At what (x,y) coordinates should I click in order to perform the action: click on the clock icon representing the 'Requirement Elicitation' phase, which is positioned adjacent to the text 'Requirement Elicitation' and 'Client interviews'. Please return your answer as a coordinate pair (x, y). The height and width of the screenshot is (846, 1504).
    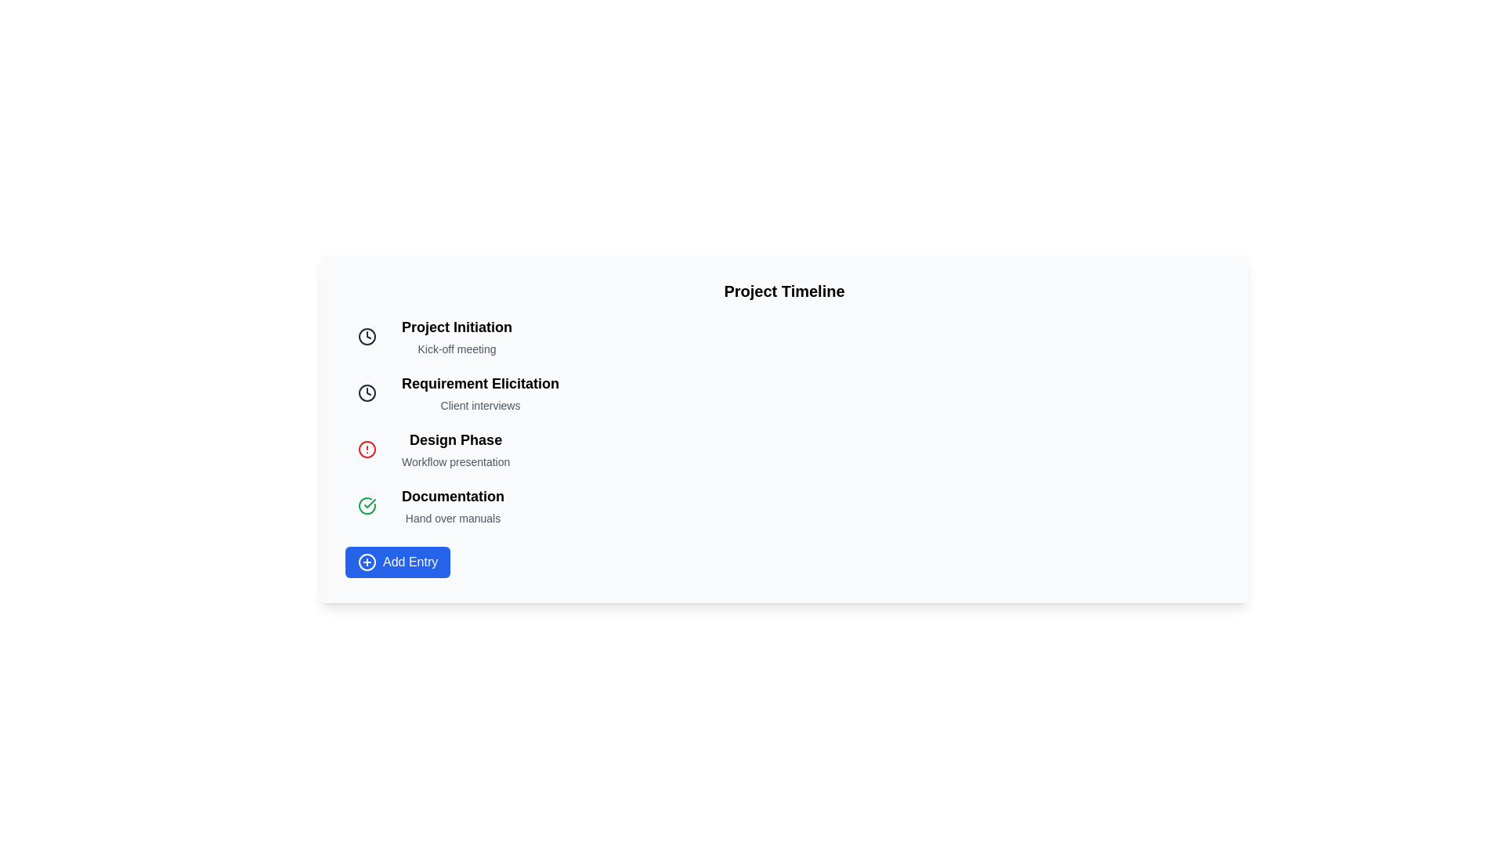
    Looking at the image, I should click on (367, 392).